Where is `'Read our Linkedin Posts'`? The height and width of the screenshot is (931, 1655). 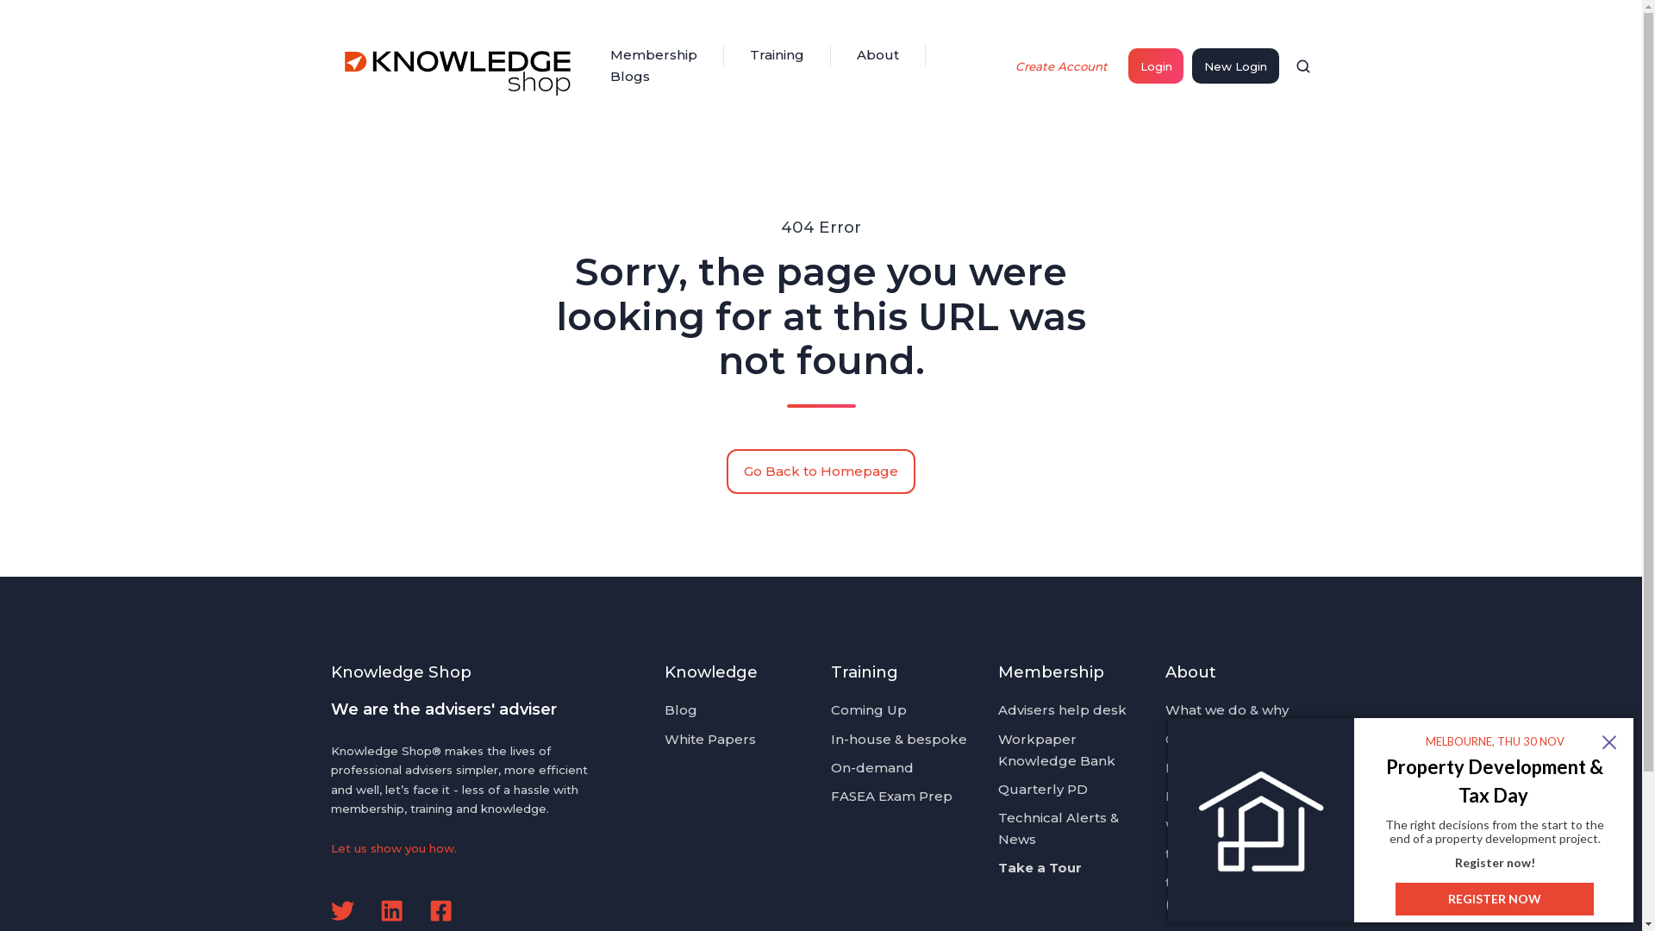 'Read our Linkedin Posts' is located at coordinates (379, 909).